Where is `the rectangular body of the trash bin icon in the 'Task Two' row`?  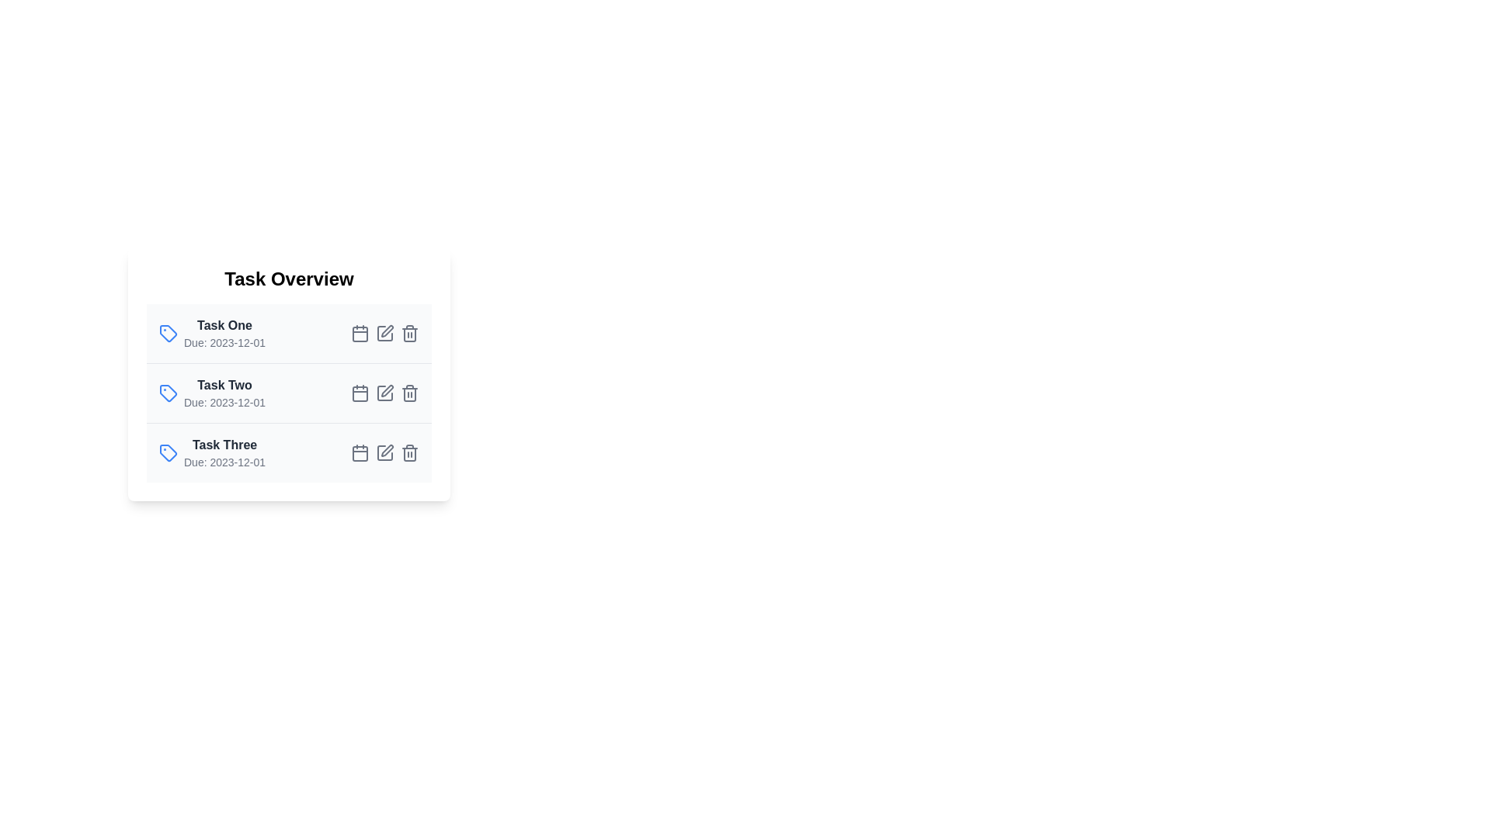
the rectangular body of the trash bin icon in the 'Task Two' row is located at coordinates (410, 394).